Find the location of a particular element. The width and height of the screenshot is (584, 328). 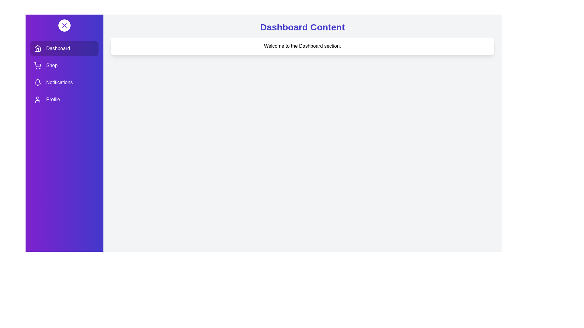

the drawer toggle button to open or close the drawer is located at coordinates (64, 25).